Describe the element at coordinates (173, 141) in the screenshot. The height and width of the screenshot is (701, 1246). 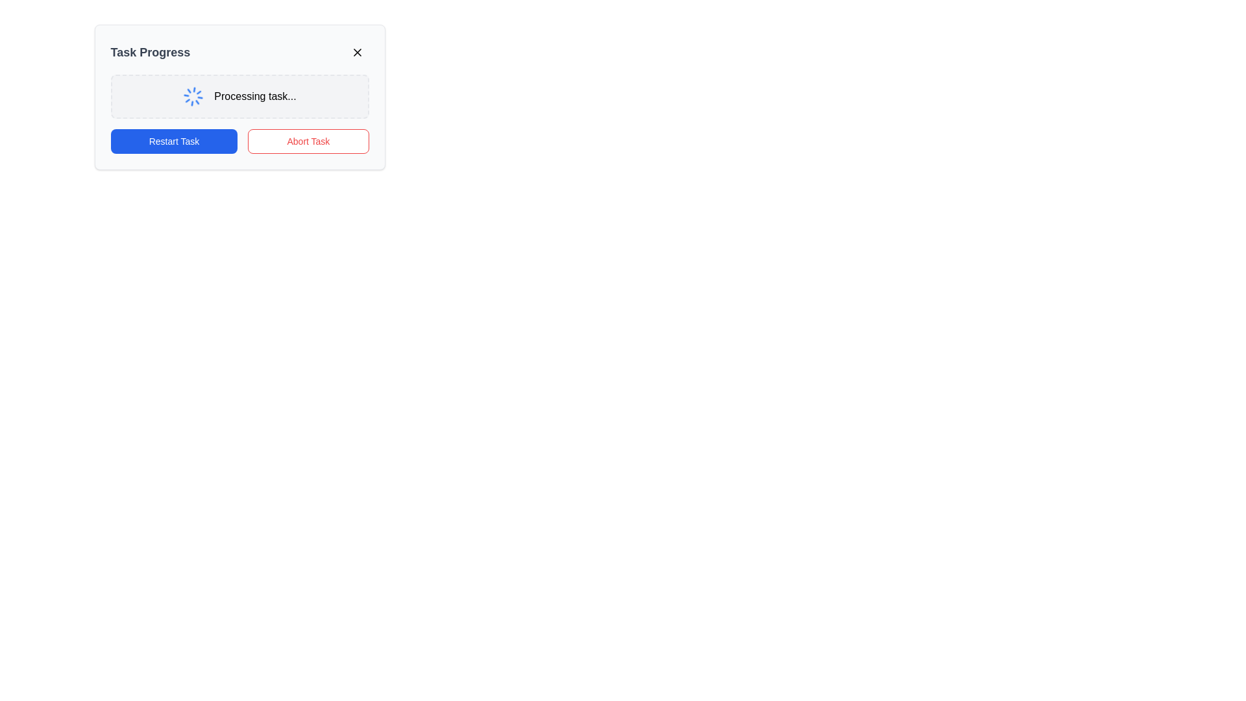
I see `the blue 'Restart Task' button located in the bottom-left corner of the modal` at that location.